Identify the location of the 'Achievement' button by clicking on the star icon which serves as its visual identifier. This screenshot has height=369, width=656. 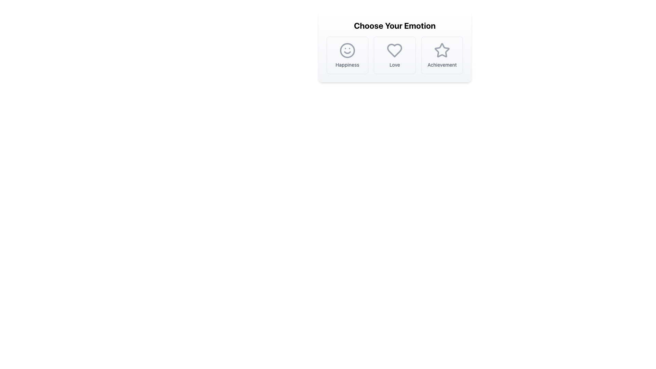
(442, 50).